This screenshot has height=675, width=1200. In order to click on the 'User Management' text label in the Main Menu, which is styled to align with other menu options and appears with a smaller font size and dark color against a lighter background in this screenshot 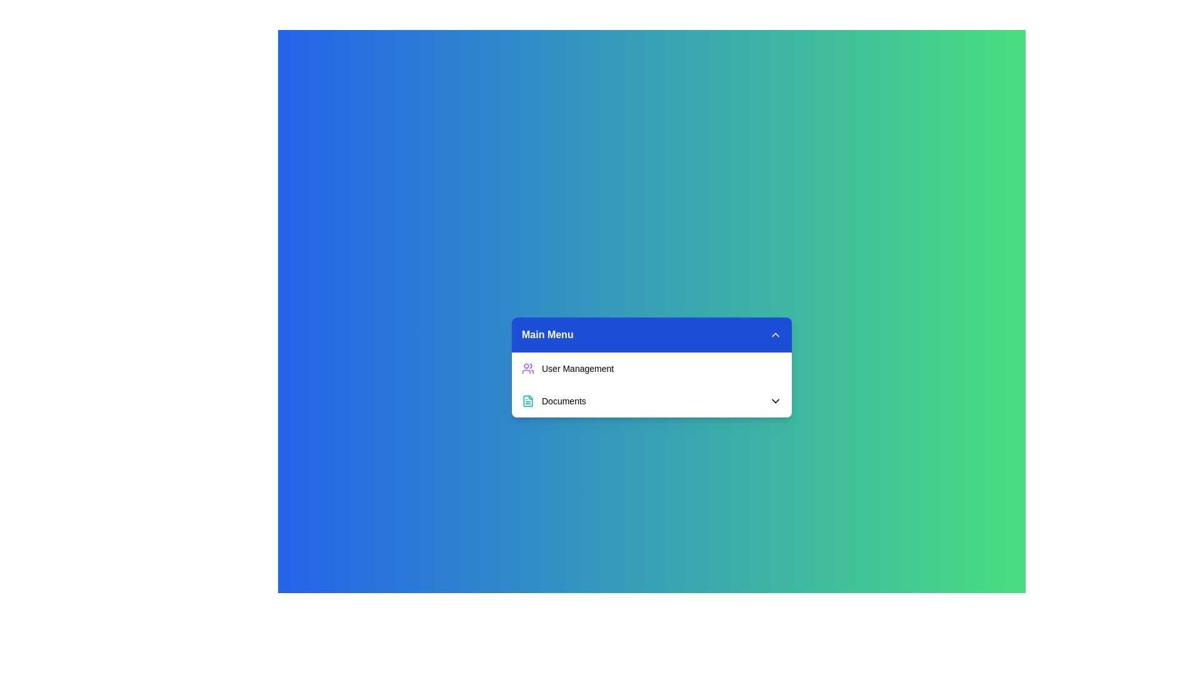, I will do `click(577, 368)`.